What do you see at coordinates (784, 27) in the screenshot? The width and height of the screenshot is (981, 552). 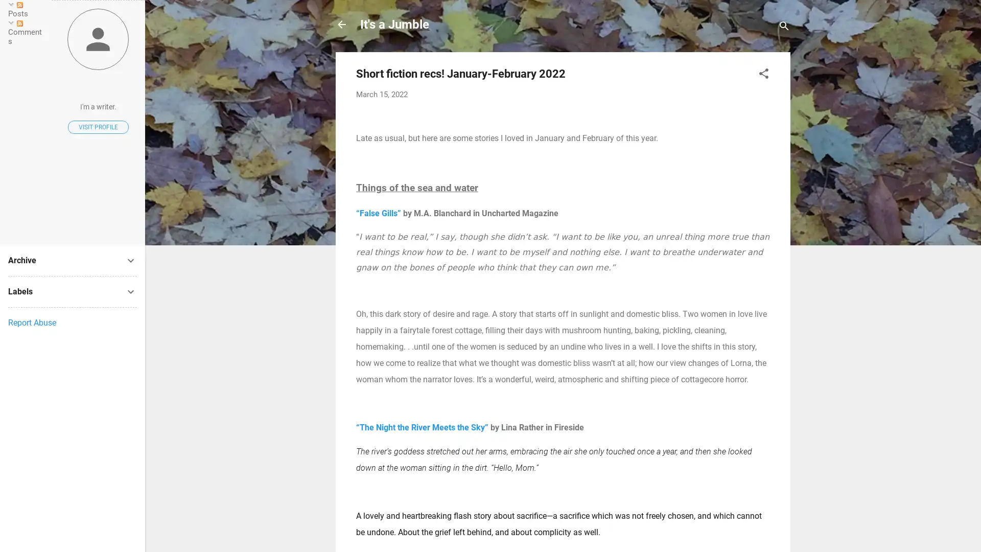 I see `Search` at bounding box center [784, 27].